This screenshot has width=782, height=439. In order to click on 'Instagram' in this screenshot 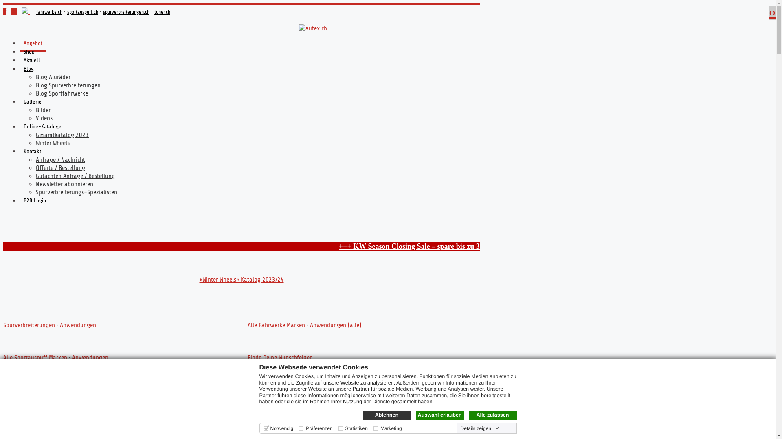, I will do `click(13, 12)`.